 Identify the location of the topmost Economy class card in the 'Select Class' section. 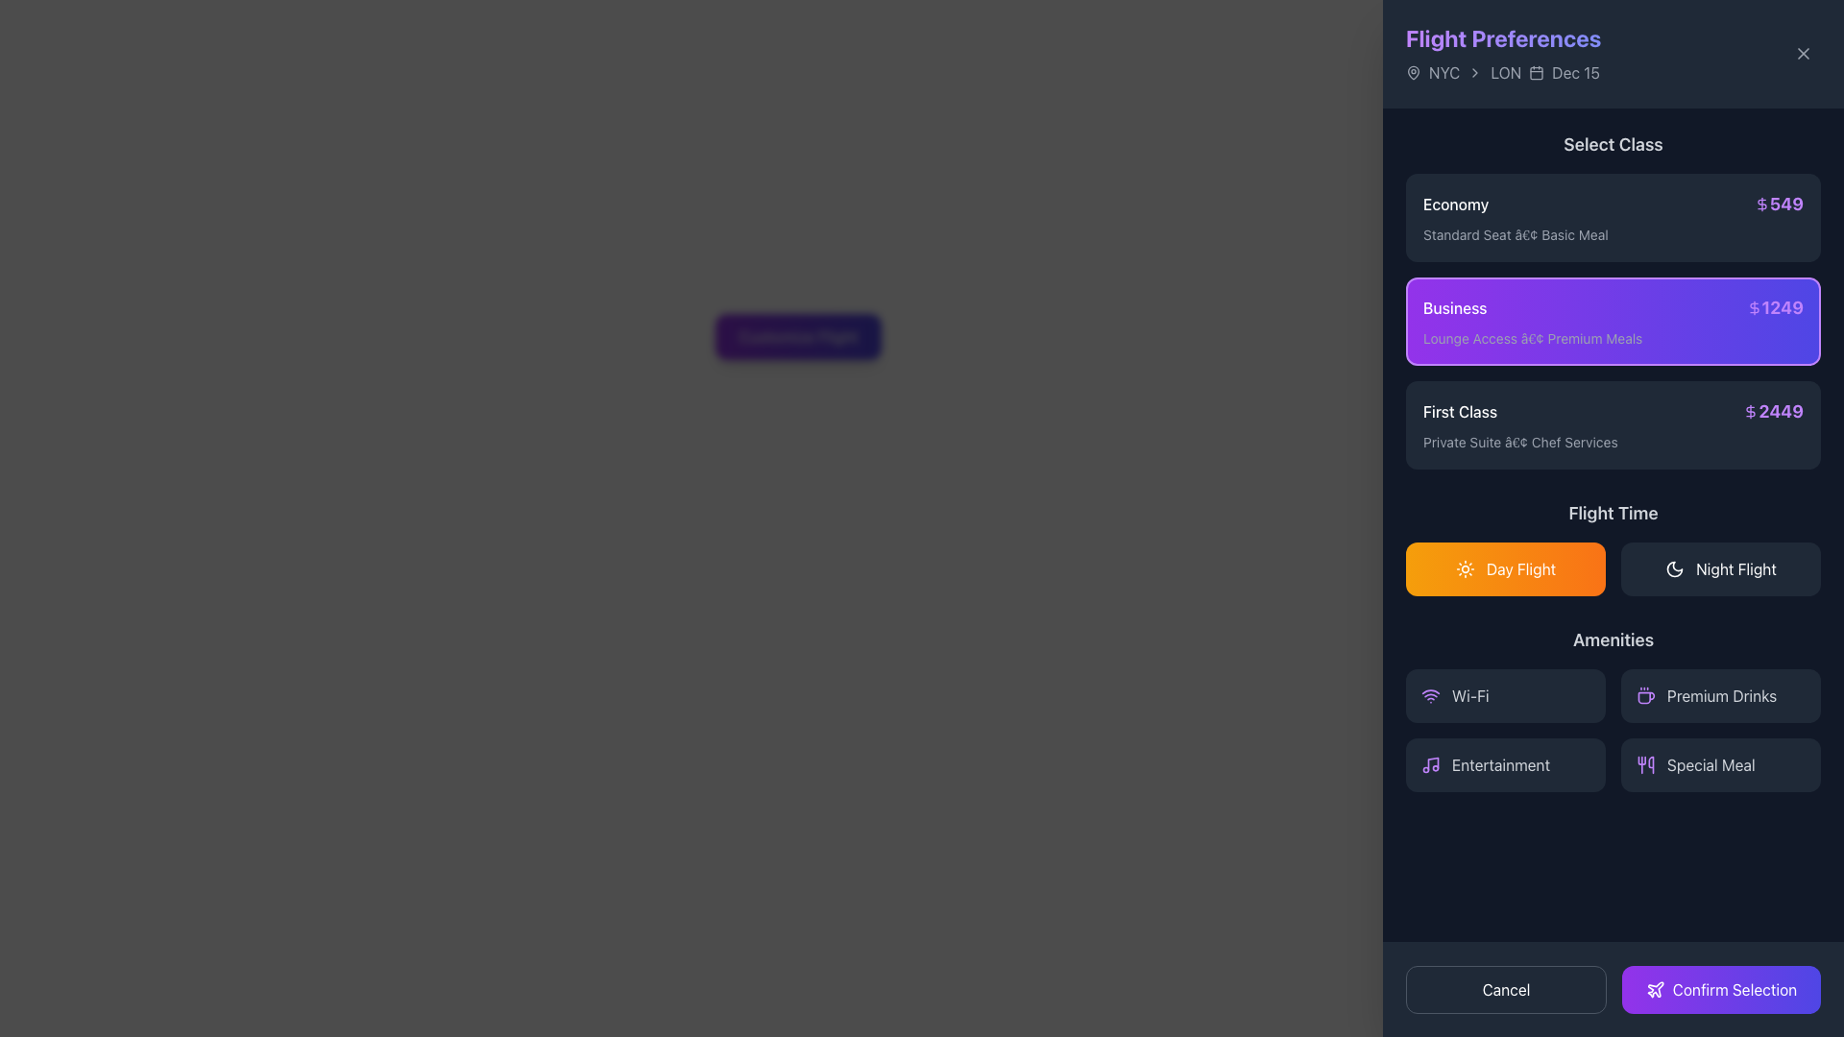
(1613, 217).